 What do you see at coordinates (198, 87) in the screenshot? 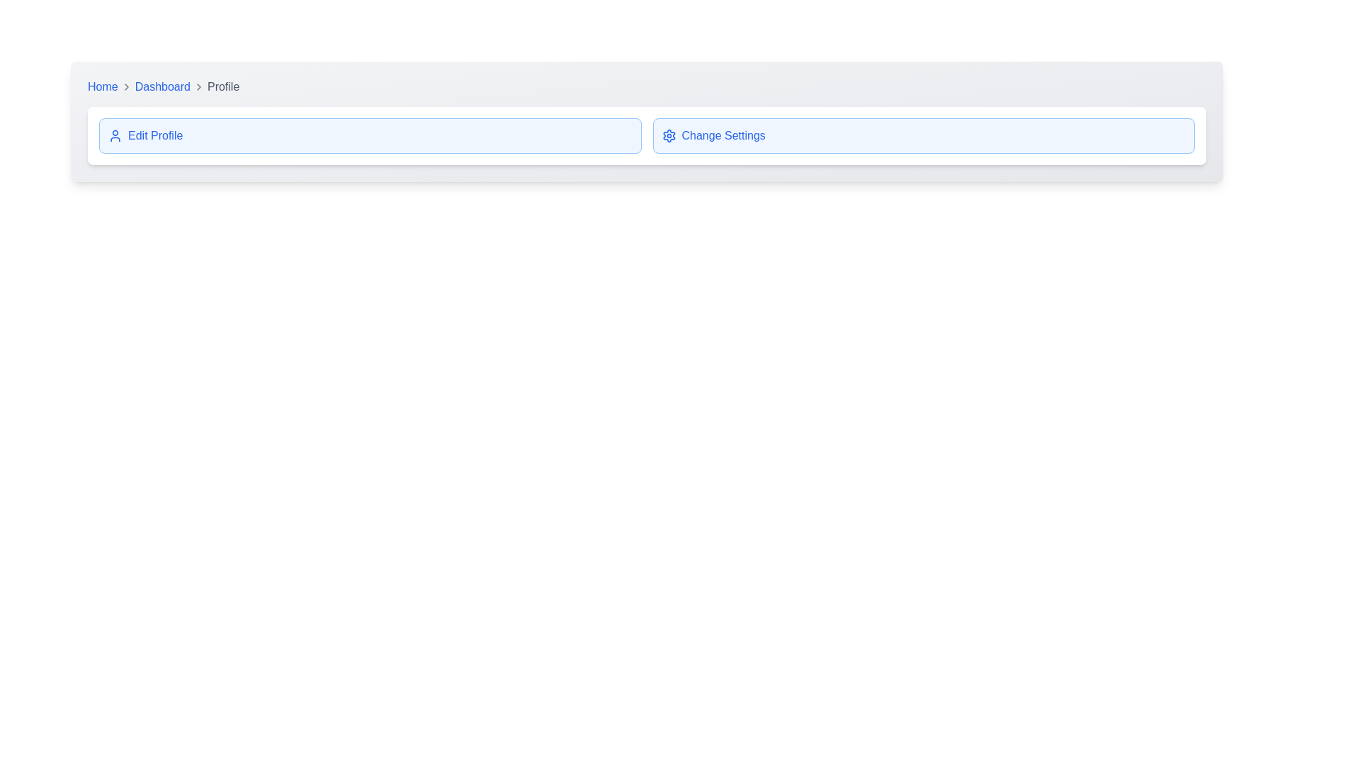
I see `the right-facing chevron icon located beside the 'Dashboard' text in the breadcrumb navigation` at bounding box center [198, 87].